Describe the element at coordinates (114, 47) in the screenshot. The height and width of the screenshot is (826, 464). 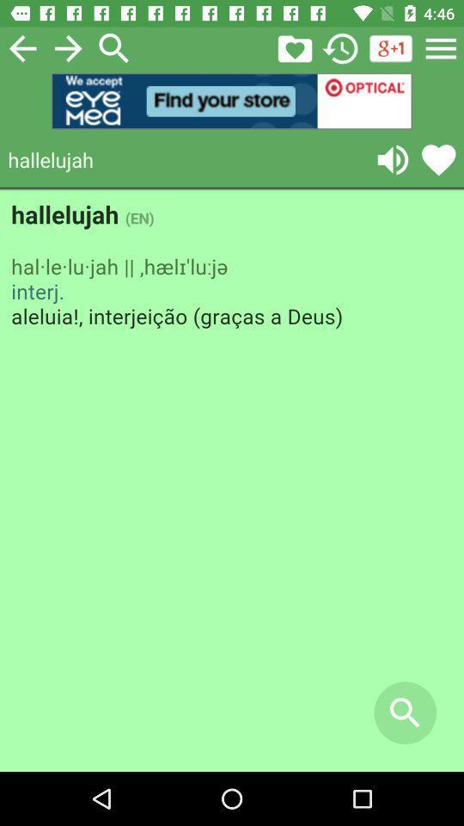
I see `search option` at that location.